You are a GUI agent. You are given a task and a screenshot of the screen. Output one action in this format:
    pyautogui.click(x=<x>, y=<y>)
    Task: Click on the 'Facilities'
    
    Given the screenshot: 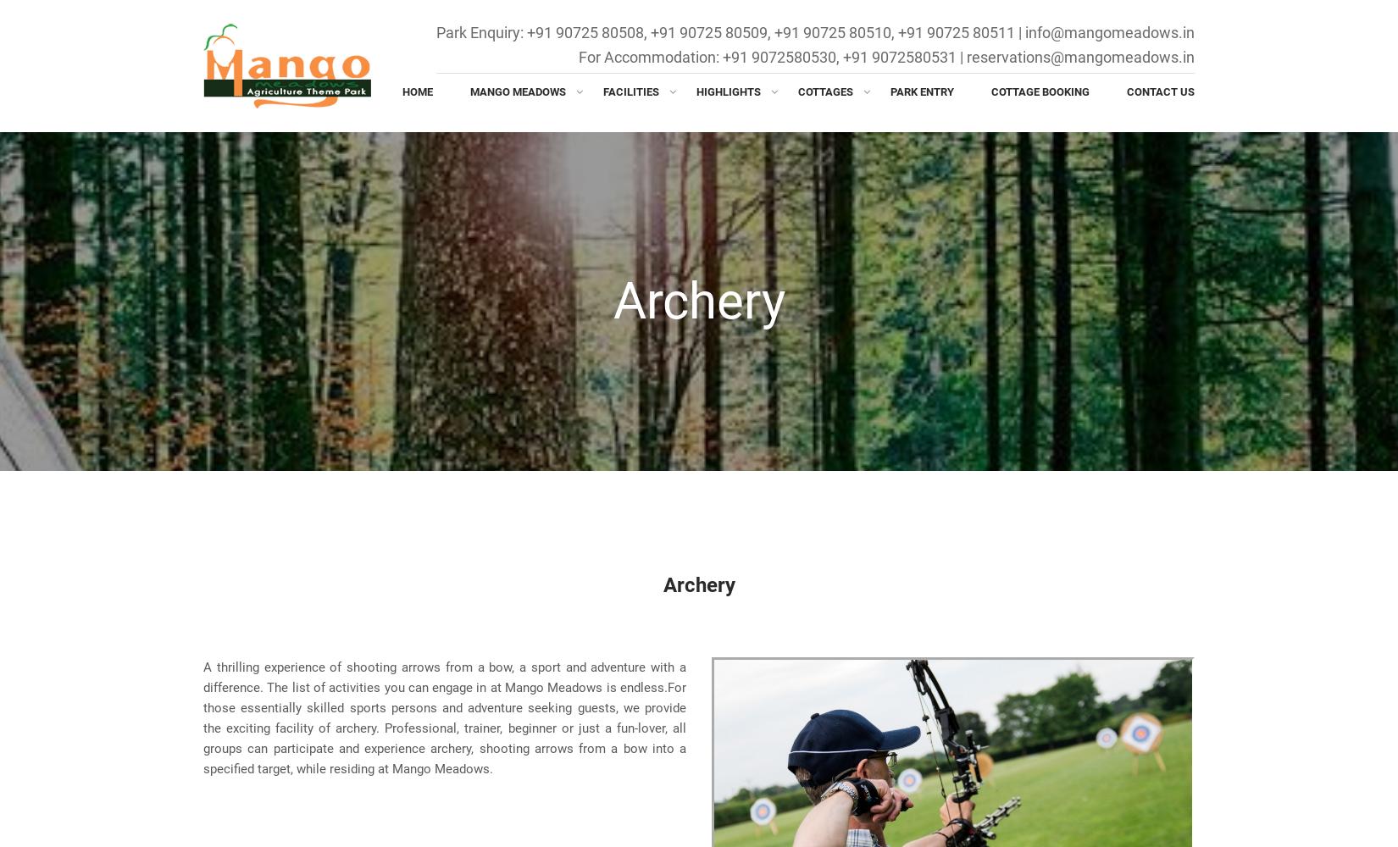 What is the action you would take?
    pyautogui.click(x=630, y=91)
    